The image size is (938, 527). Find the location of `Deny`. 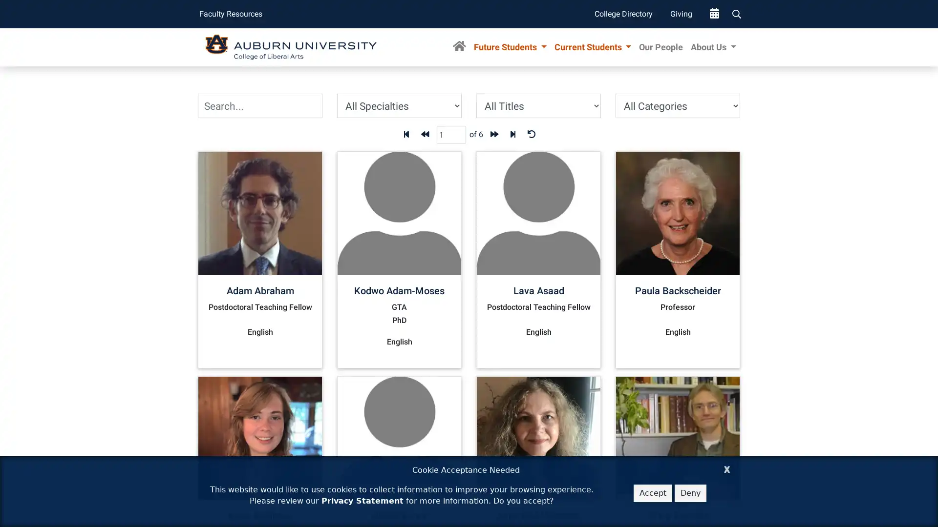

Deny is located at coordinates (690, 493).